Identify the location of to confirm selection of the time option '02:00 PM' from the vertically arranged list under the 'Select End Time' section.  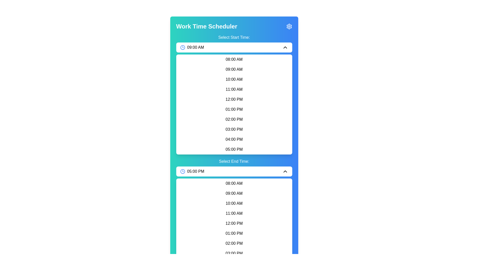
(234, 243).